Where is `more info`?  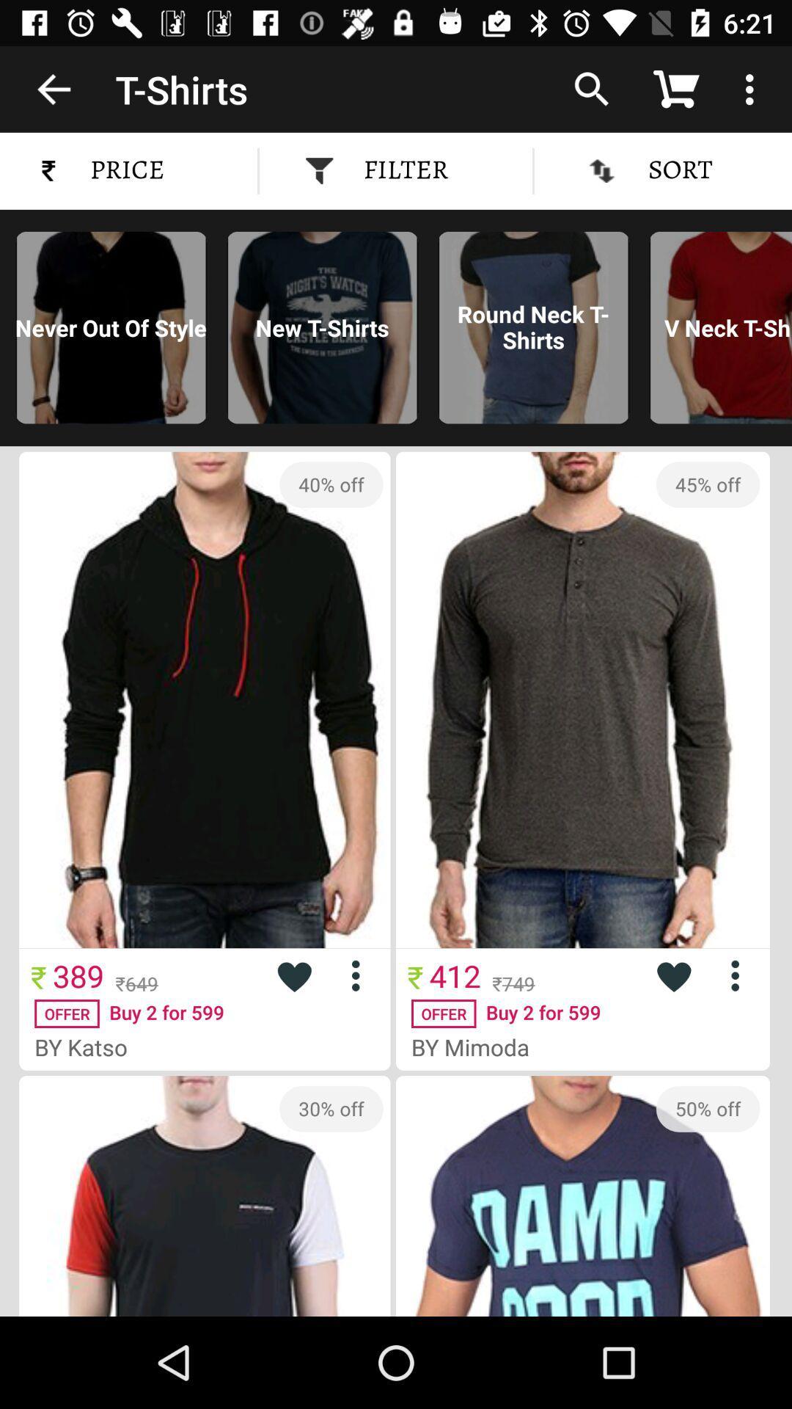 more info is located at coordinates (741, 975).